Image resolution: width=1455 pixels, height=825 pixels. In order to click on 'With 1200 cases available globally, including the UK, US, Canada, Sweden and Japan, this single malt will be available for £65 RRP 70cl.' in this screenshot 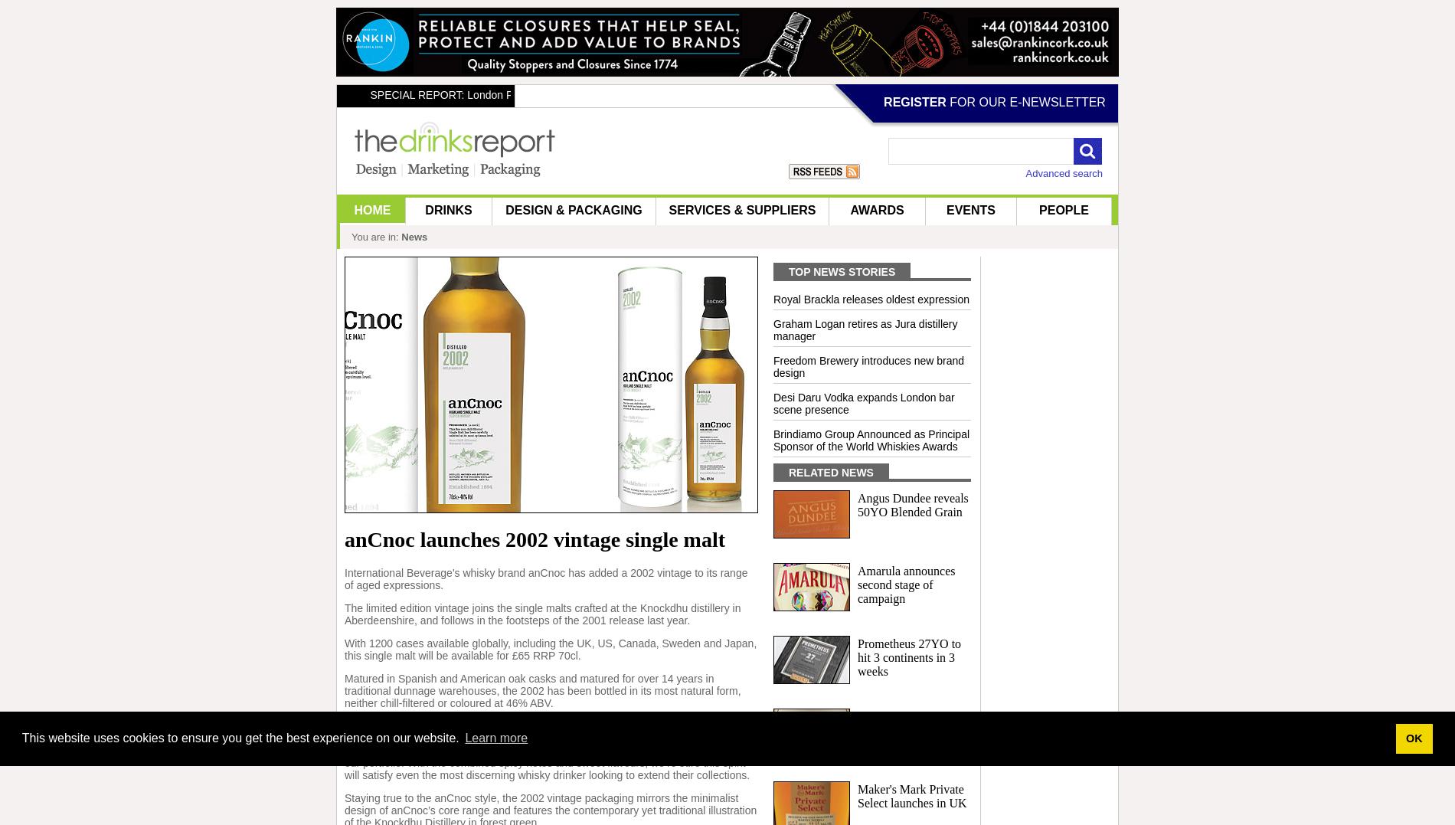, I will do `click(549, 647)`.